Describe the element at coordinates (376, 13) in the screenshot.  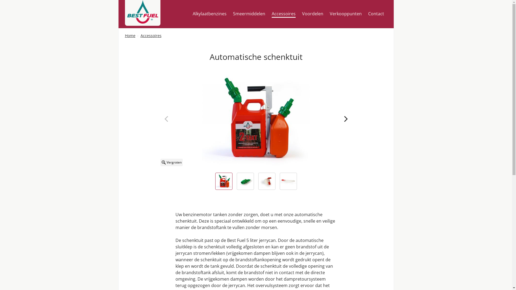
I see `'Contact'` at that location.